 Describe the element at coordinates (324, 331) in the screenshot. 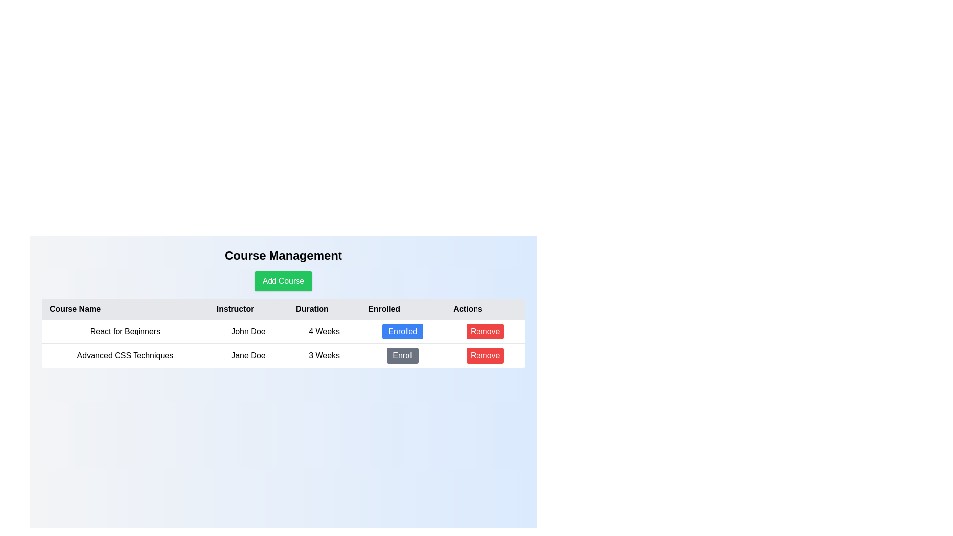

I see `the text label displaying the course duration located in the third column of the course table, which follows 'React for Beginners' and 'John Doe'` at that location.